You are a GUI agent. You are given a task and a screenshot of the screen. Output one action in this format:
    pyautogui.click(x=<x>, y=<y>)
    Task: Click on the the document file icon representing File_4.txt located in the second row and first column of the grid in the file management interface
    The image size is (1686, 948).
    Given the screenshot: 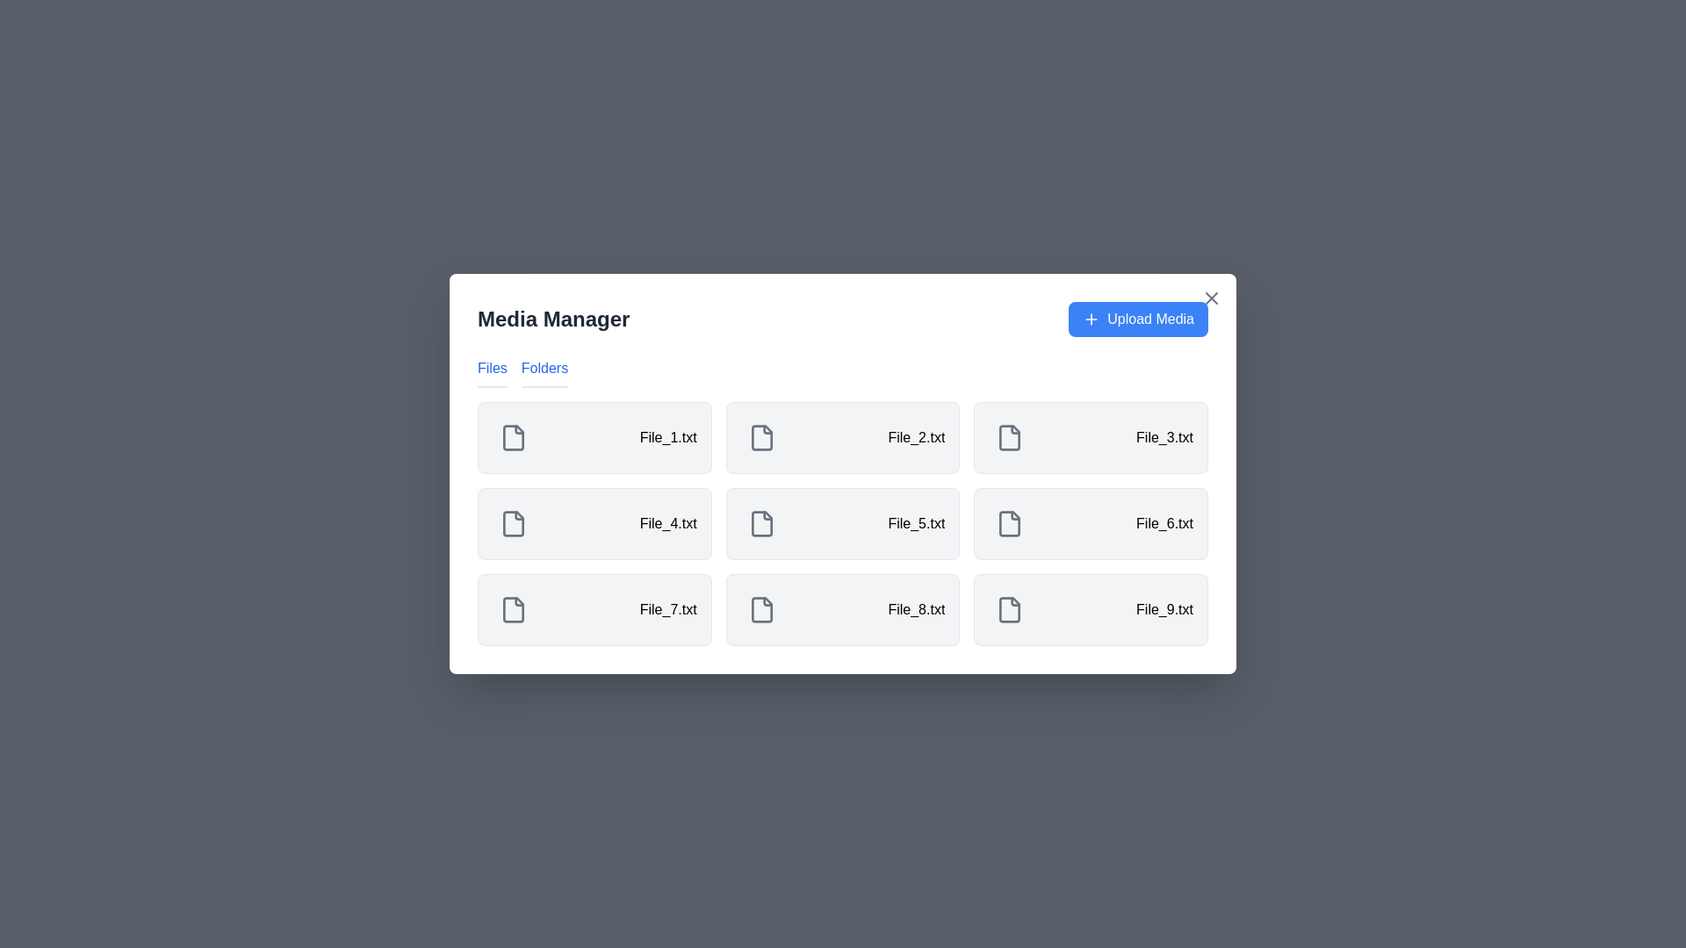 What is the action you would take?
    pyautogui.click(x=513, y=523)
    